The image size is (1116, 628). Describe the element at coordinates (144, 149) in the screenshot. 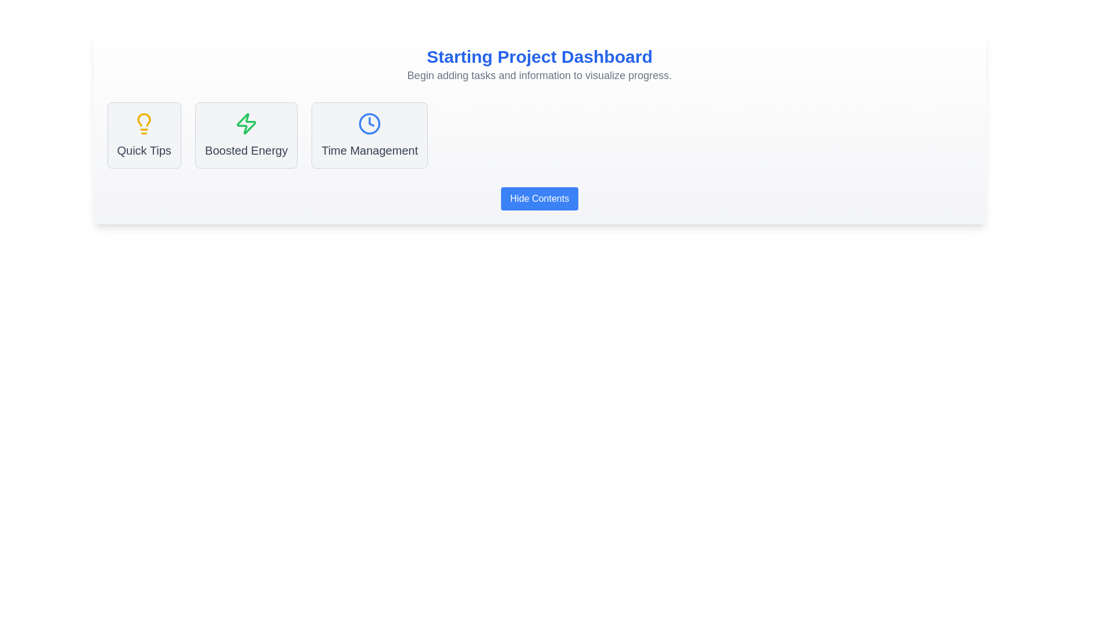

I see `the 'Quick Tips' text label styled in a medium-sized, bold, gray font` at that location.